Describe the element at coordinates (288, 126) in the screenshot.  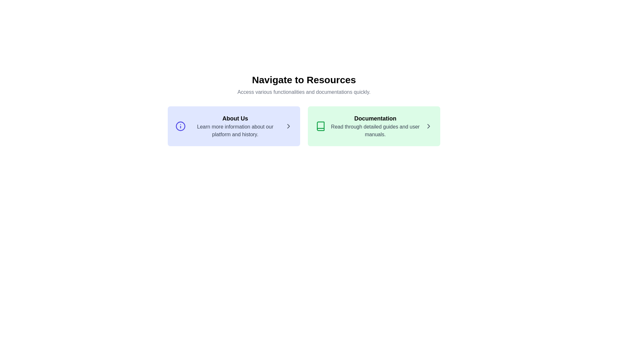
I see `the chevron icon located at the far right of the 'About Us' card` at that location.